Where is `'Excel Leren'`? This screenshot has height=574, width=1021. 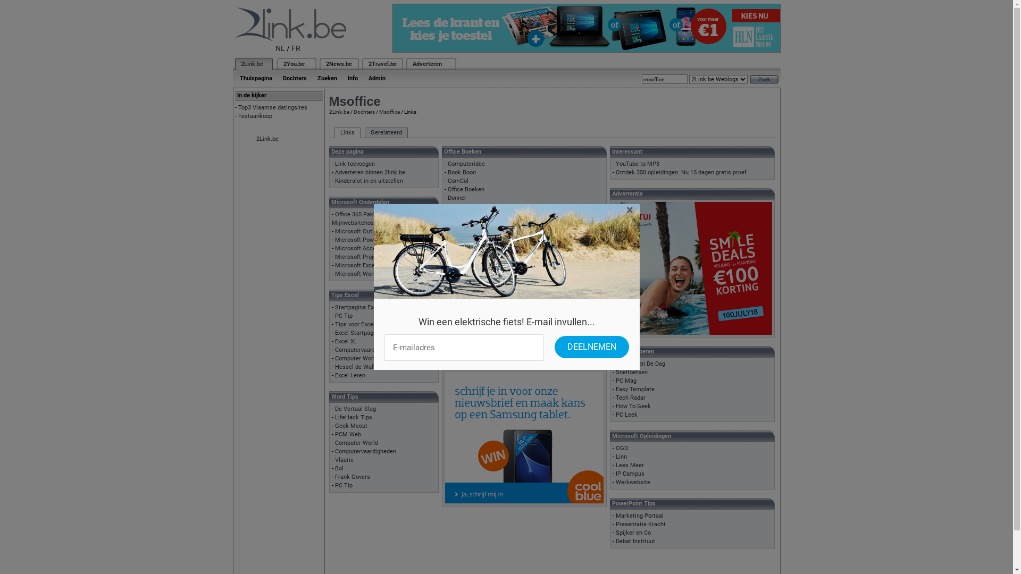
'Excel Leren' is located at coordinates (334, 375).